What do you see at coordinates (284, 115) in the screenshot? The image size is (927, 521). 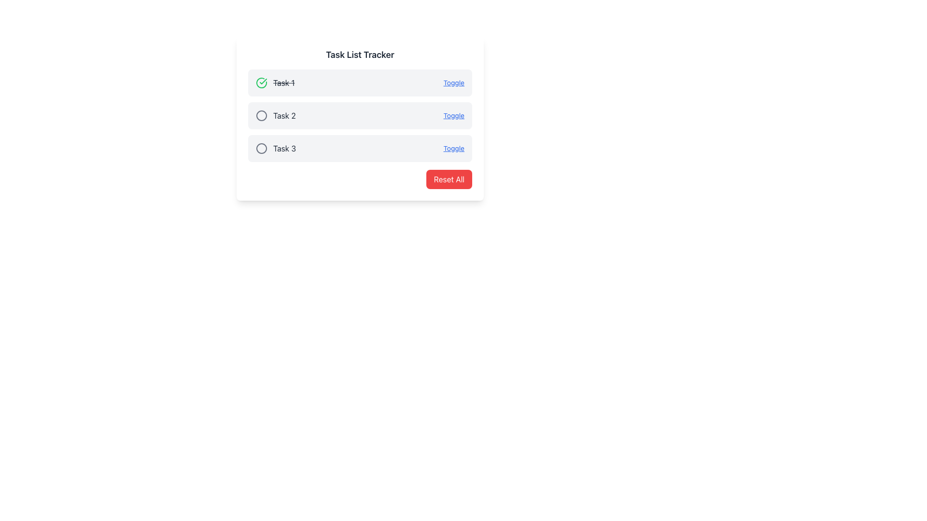 I see `the text label displaying the title of the task located in the second row of the task list, centered horizontally between the circular icon and the 'Toggle' button` at bounding box center [284, 115].